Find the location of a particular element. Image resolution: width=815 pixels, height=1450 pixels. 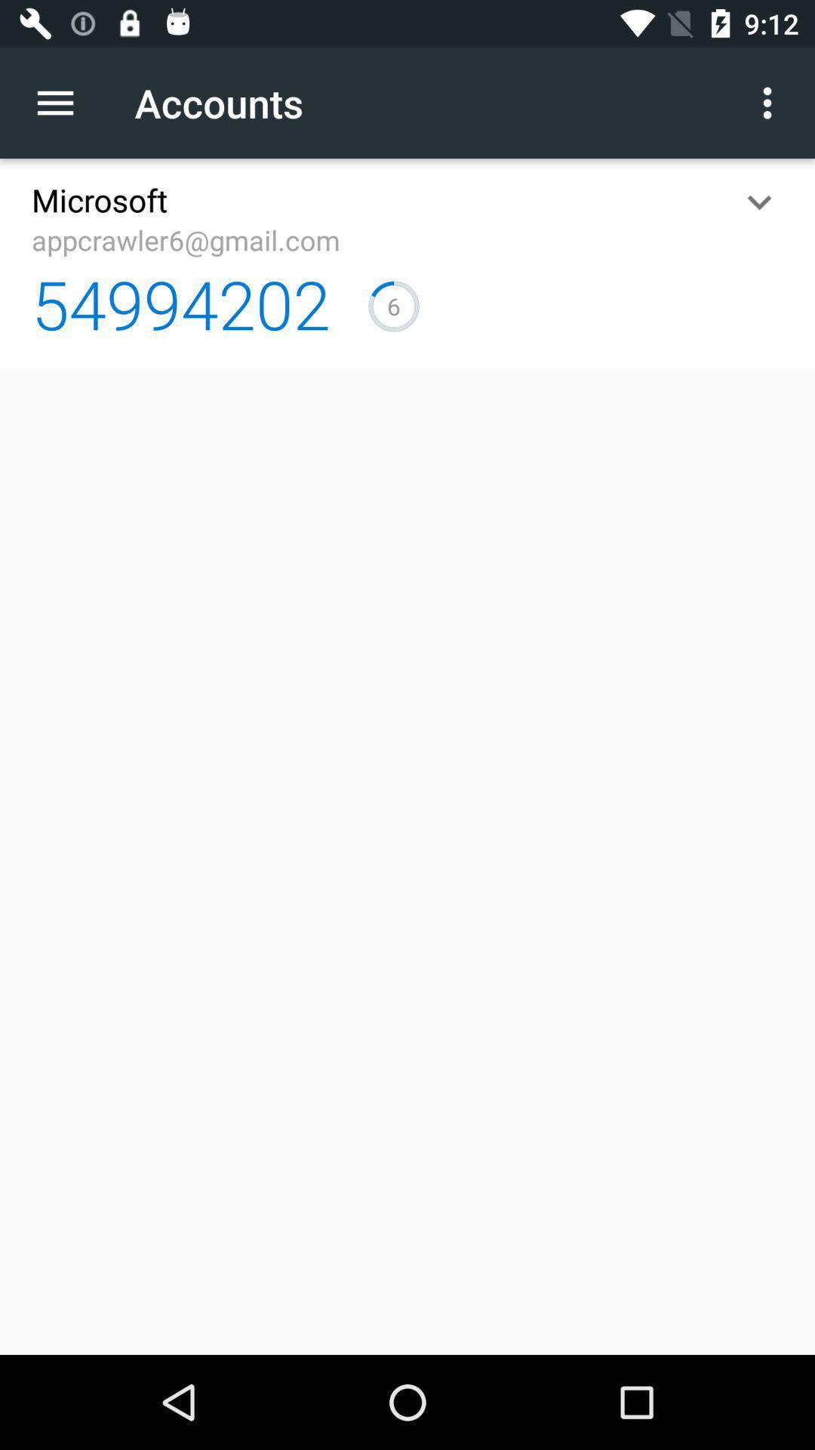

the item above microsoft icon is located at coordinates (63, 102).